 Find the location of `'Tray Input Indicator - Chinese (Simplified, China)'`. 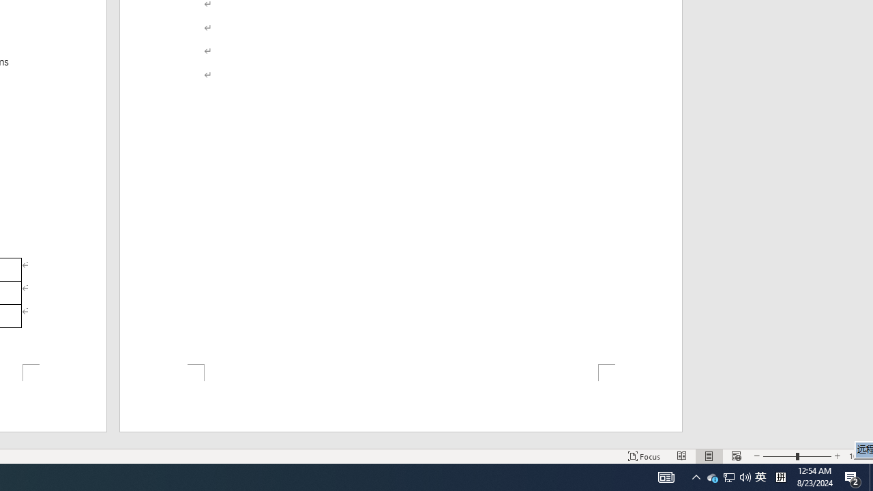

'Tray Input Indicator - Chinese (Simplified, China)' is located at coordinates (780, 476).